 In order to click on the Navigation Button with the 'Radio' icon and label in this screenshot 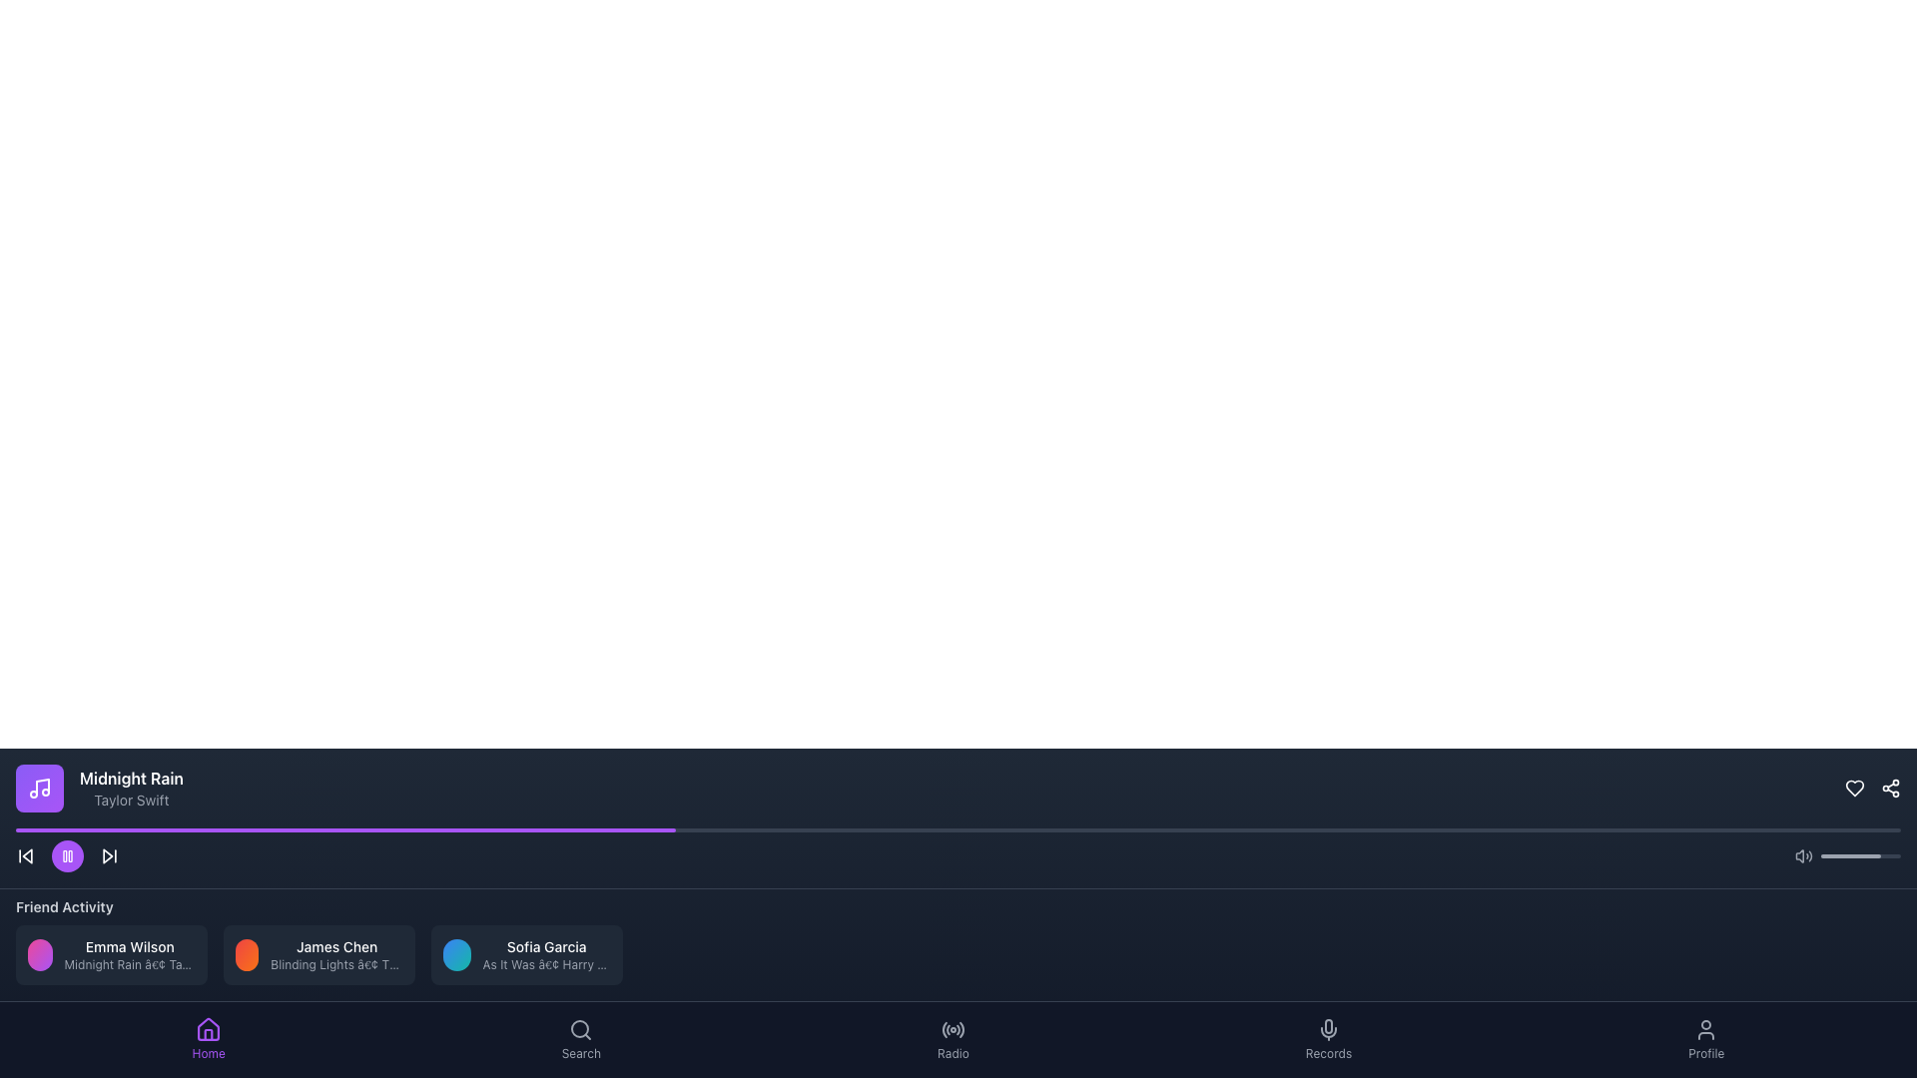, I will do `click(952, 1038)`.